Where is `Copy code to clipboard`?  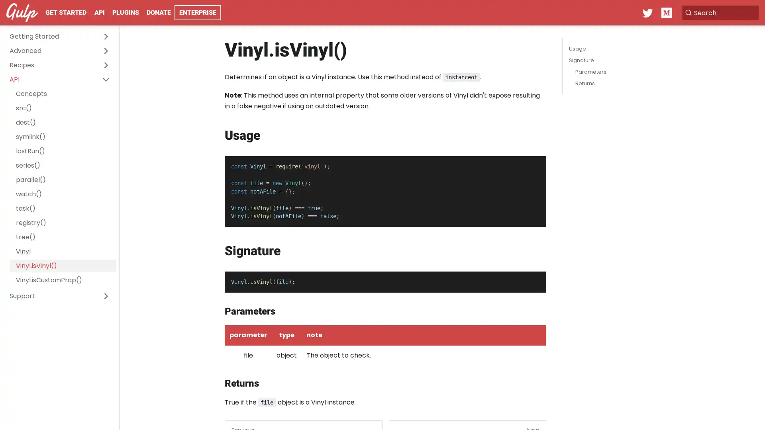
Copy code to clipboard is located at coordinates (533, 280).